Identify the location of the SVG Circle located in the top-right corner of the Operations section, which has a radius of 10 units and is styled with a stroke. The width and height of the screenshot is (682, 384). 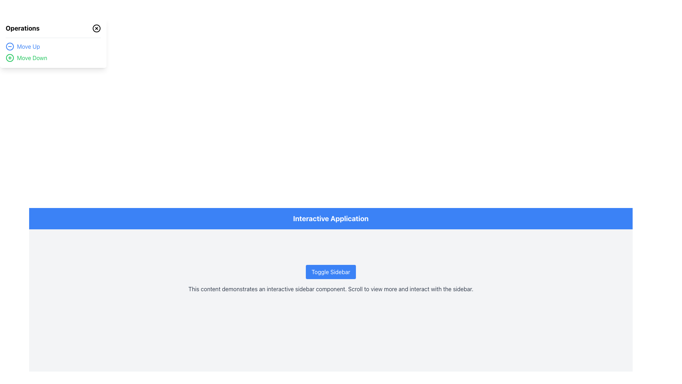
(96, 28).